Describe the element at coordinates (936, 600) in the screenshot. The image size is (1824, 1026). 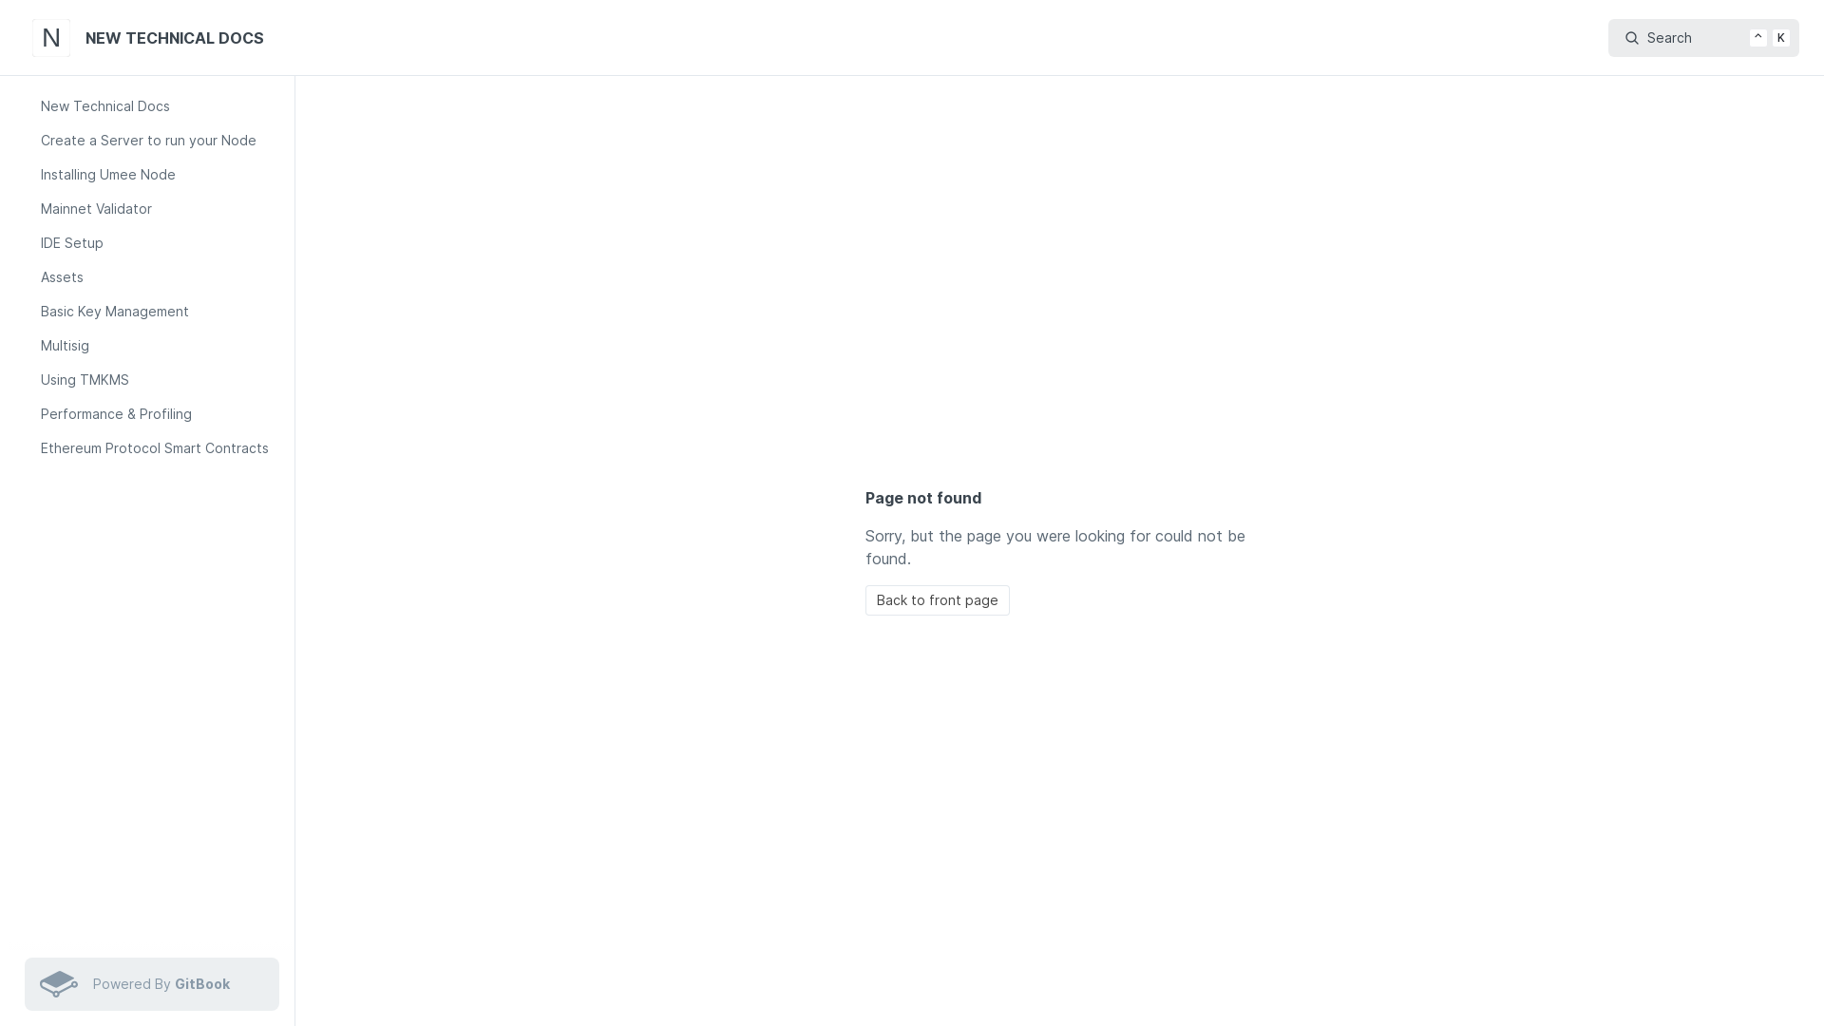
I see `'Back to front page'` at that location.